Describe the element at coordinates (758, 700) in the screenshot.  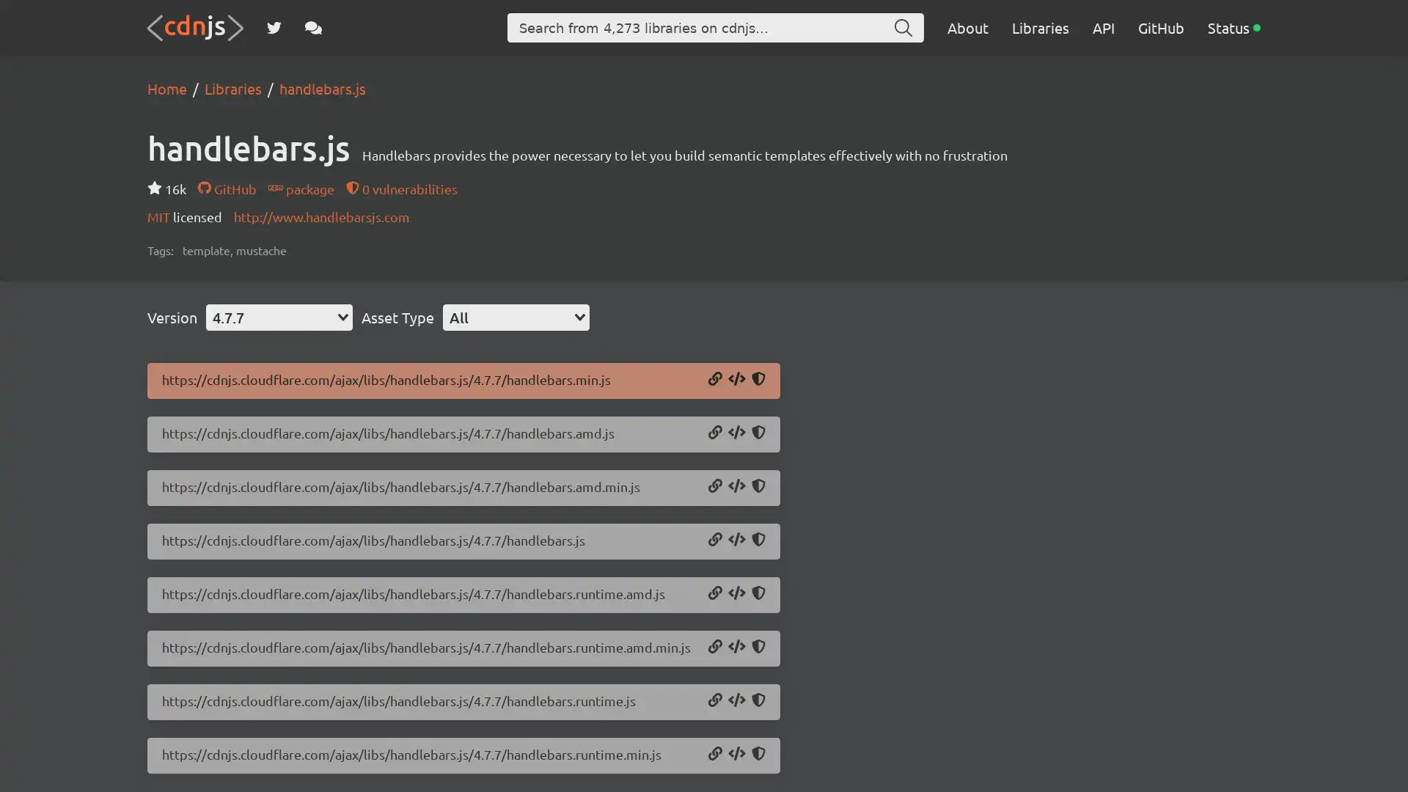
I see `Copy SRI Hash` at that location.